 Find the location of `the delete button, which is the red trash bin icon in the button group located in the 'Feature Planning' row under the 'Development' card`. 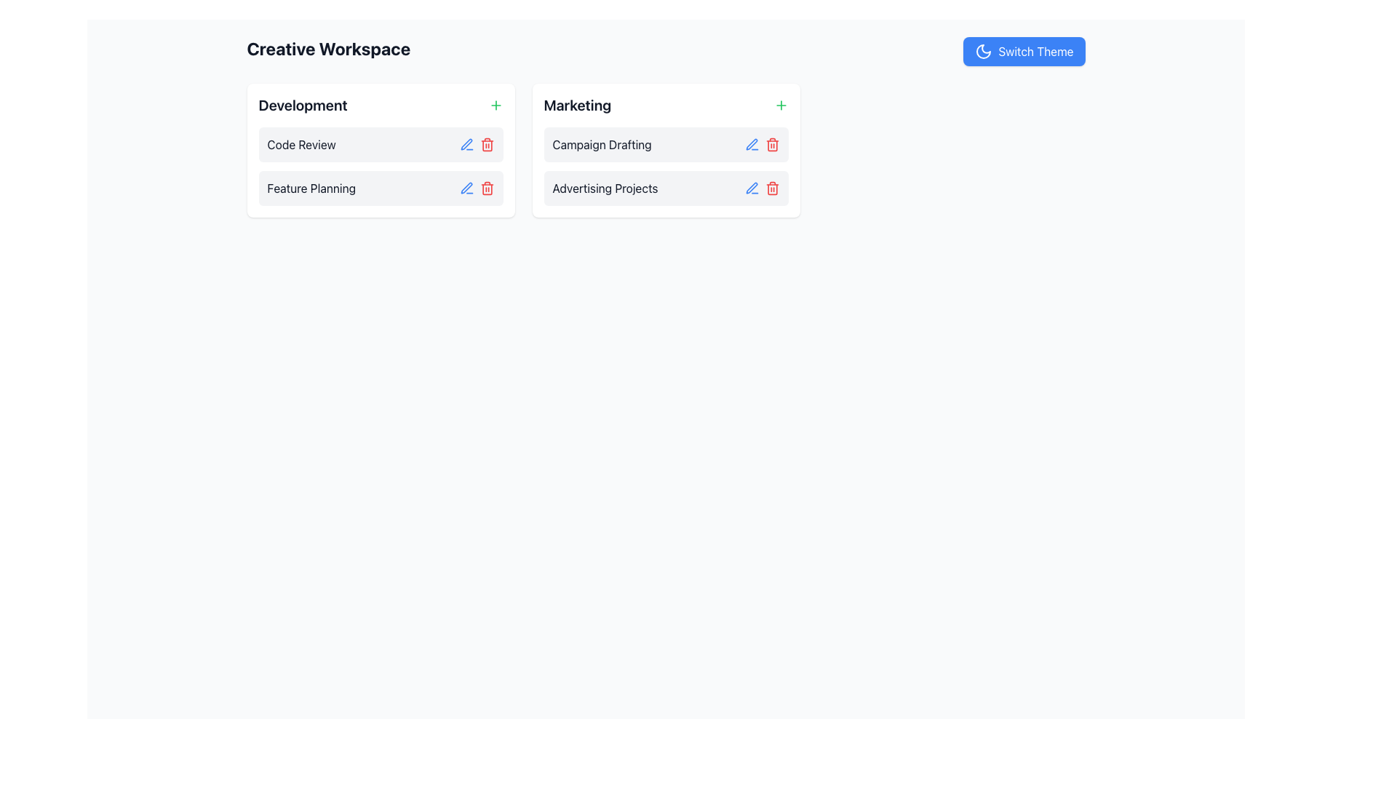

the delete button, which is the red trash bin icon in the button group located in the 'Feature Planning' row under the 'Development' card is located at coordinates (477, 187).